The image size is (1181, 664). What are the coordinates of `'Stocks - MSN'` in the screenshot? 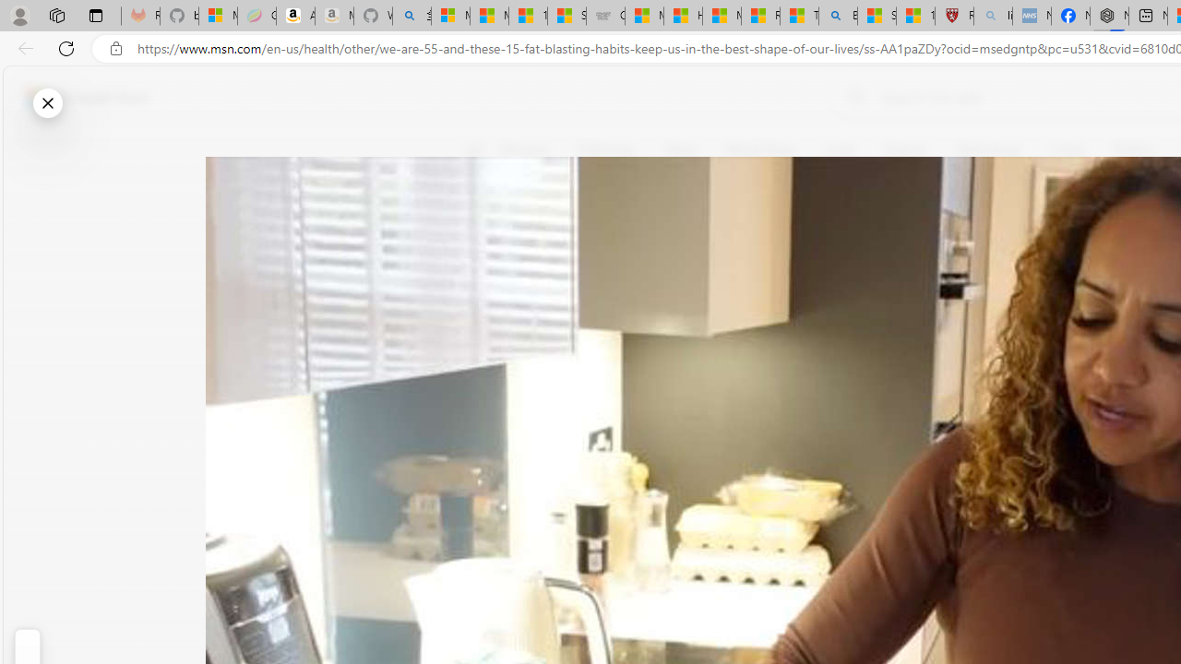 It's located at (566, 16).